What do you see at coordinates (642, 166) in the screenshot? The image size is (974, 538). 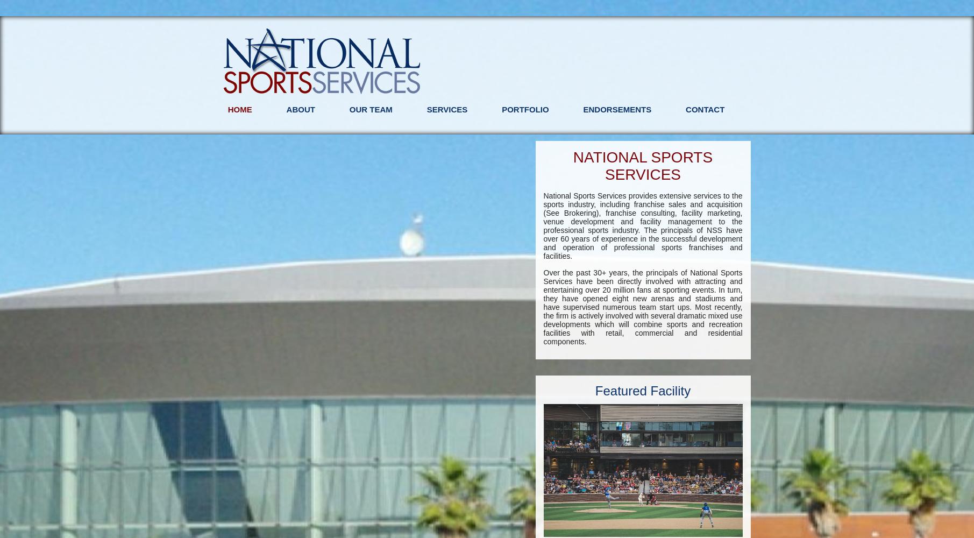 I see `'NATIONAL SPORTS SERVICES'` at bounding box center [642, 166].